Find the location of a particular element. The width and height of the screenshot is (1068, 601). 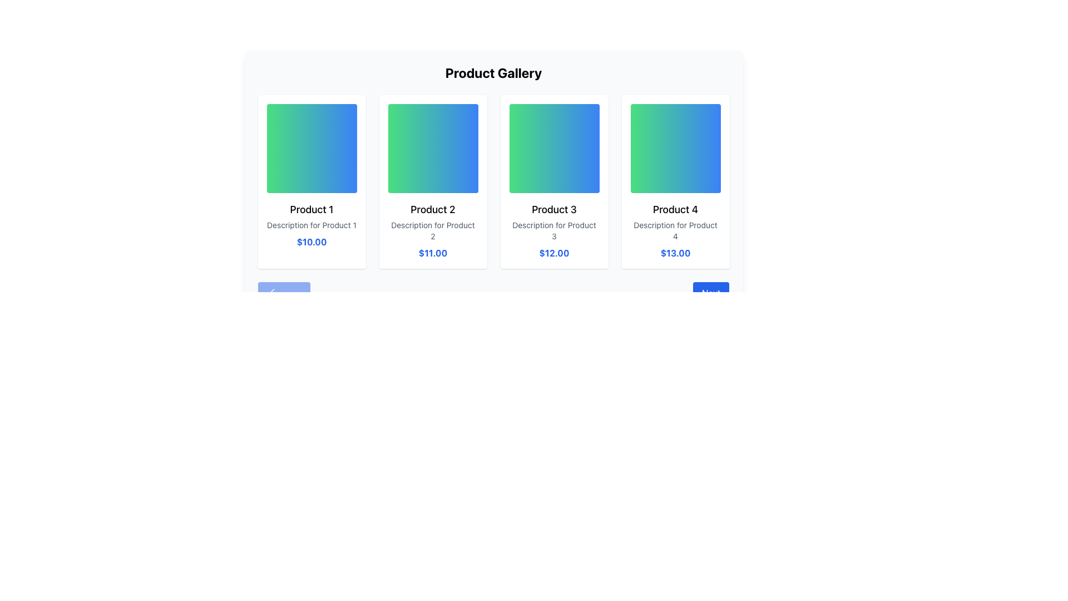

the third product card in the grid layout is located at coordinates (554, 181).